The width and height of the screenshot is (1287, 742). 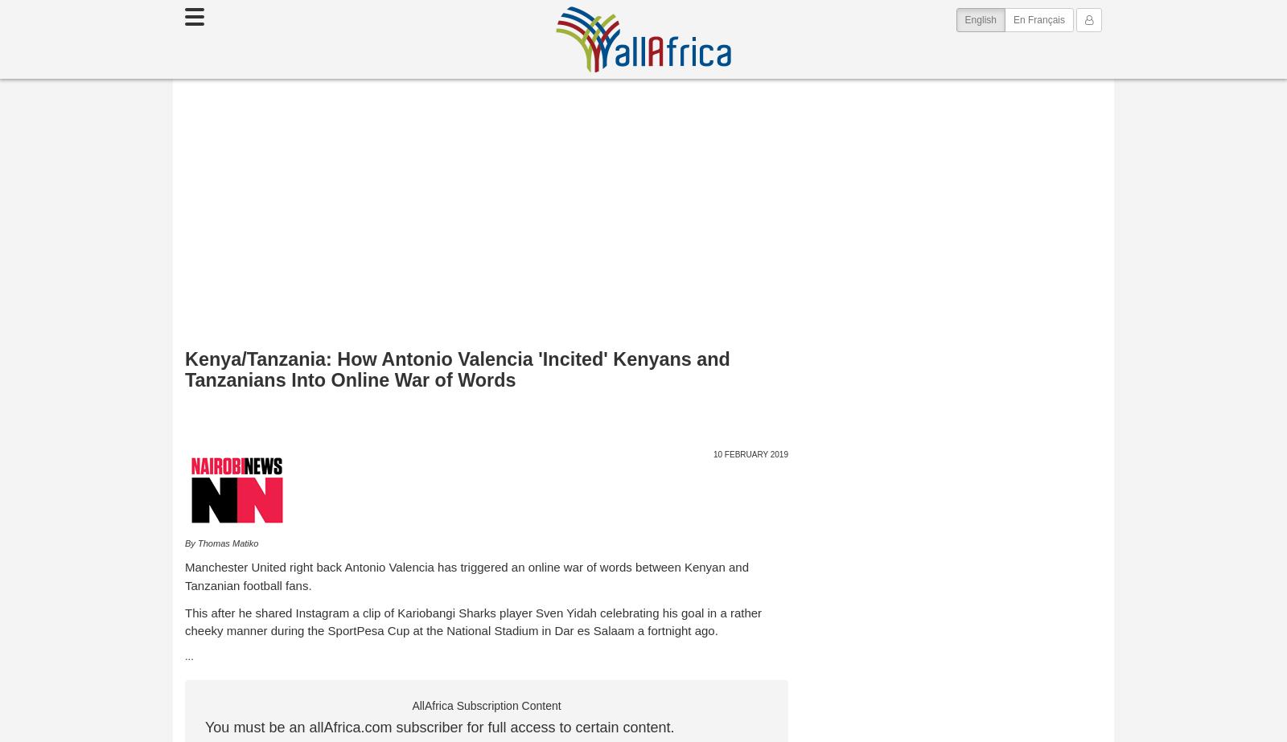 I want to click on 'By Thomas Matiko', so click(x=221, y=543).